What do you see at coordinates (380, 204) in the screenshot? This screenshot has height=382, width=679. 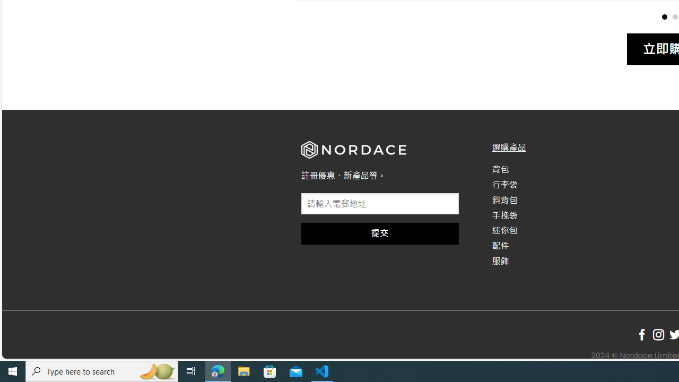 I see `'AutomationID: input_4_1'` at bounding box center [380, 204].